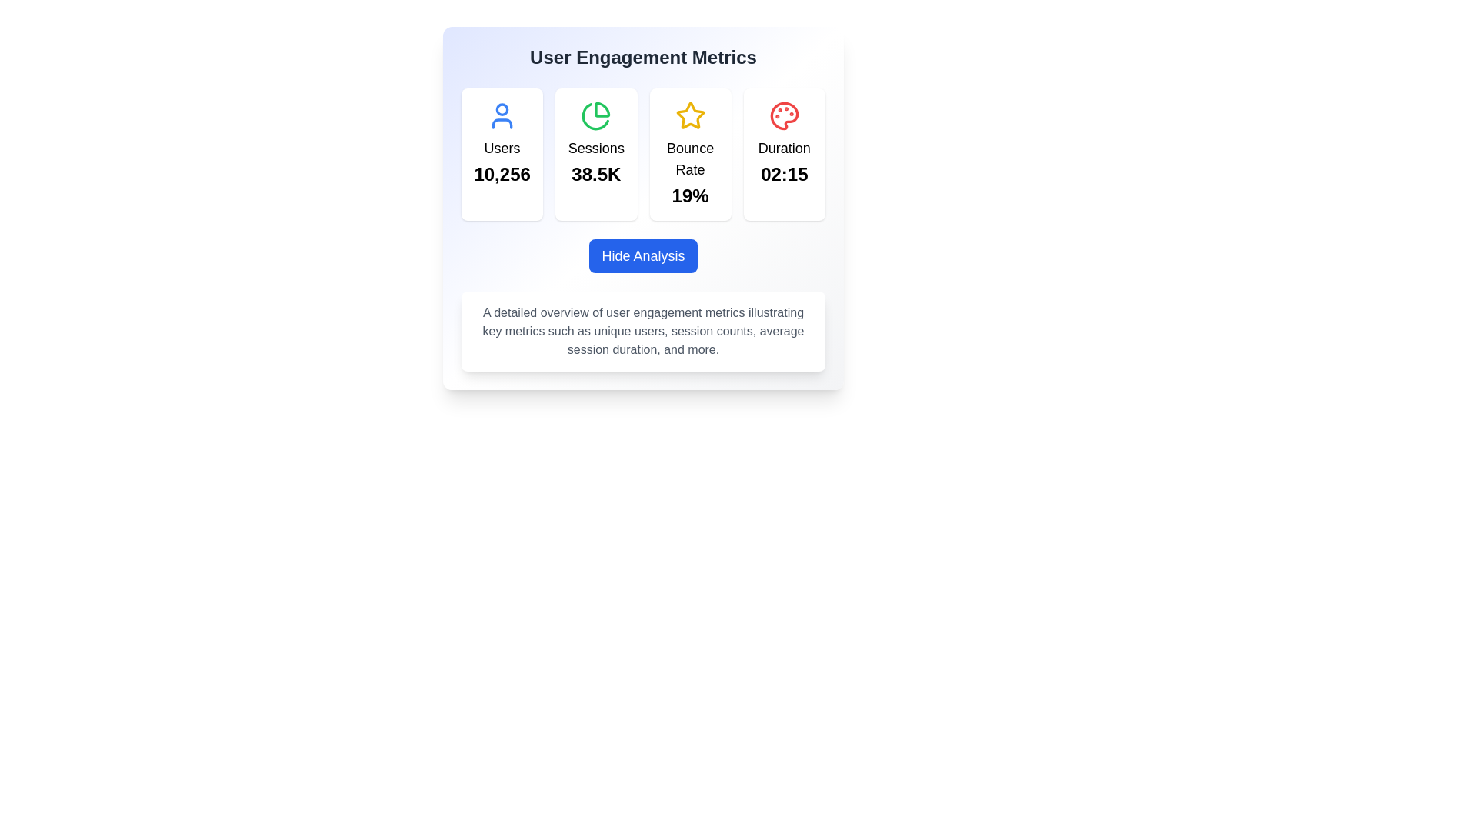 This screenshot has width=1477, height=831. What do you see at coordinates (502, 115) in the screenshot?
I see `the blue user icon located in the upper-left corner of the first metric card in the 'User Engagement Metrics' section` at bounding box center [502, 115].